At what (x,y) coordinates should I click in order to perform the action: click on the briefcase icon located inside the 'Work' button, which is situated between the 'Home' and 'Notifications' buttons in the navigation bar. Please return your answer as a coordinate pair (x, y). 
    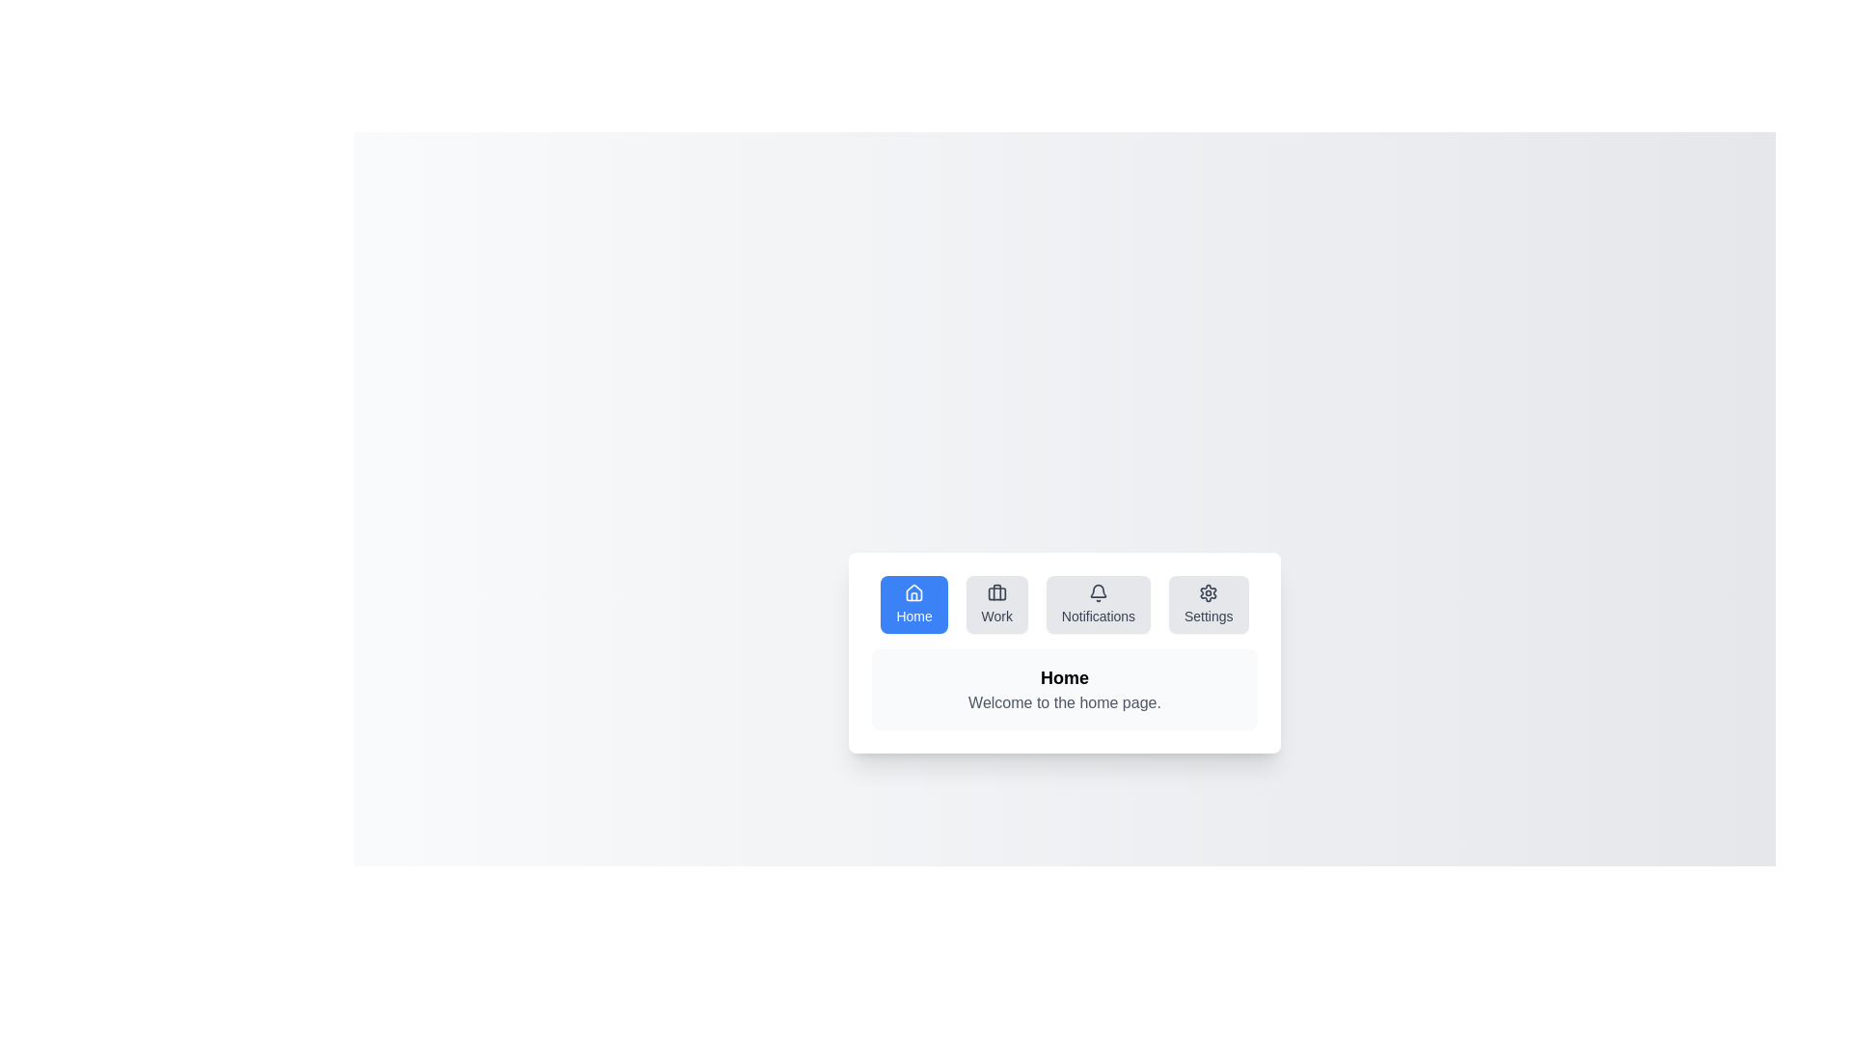
    Looking at the image, I should click on (996, 591).